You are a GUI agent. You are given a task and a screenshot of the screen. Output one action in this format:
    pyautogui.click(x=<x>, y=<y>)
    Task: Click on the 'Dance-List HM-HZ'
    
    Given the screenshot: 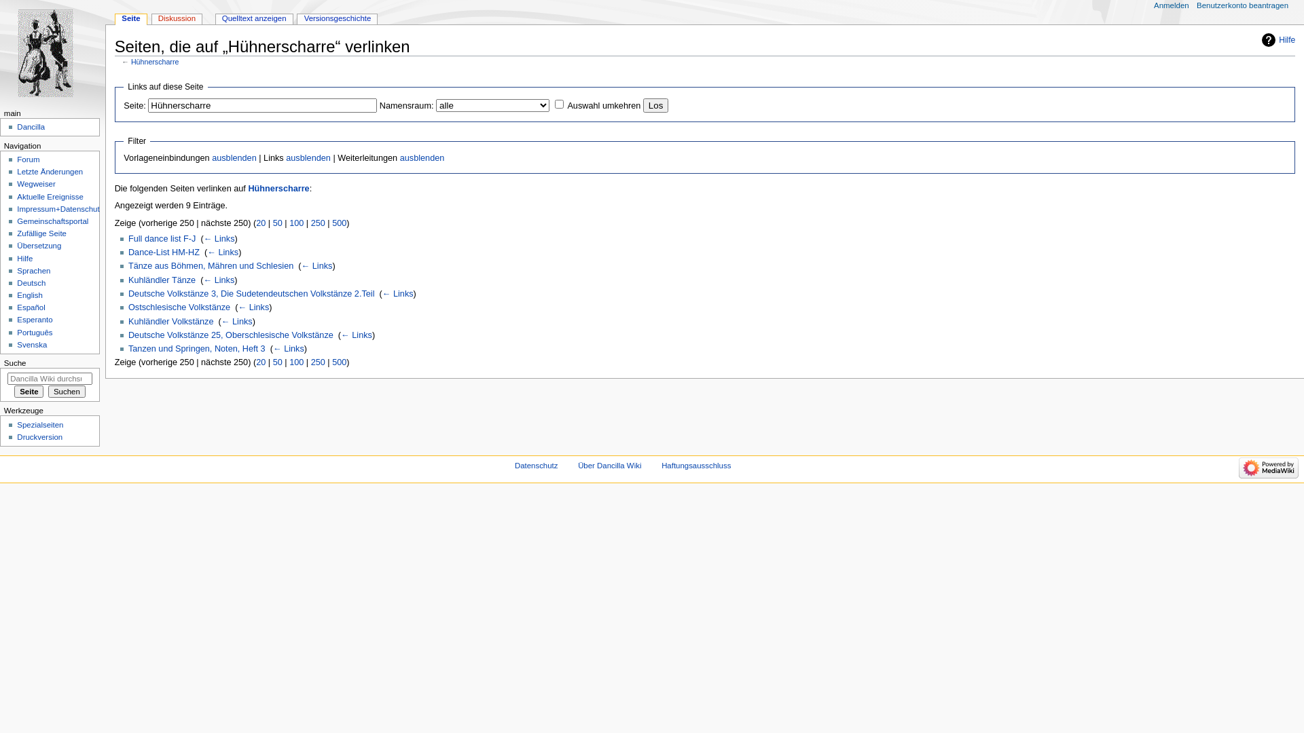 What is the action you would take?
    pyautogui.click(x=163, y=252)
    